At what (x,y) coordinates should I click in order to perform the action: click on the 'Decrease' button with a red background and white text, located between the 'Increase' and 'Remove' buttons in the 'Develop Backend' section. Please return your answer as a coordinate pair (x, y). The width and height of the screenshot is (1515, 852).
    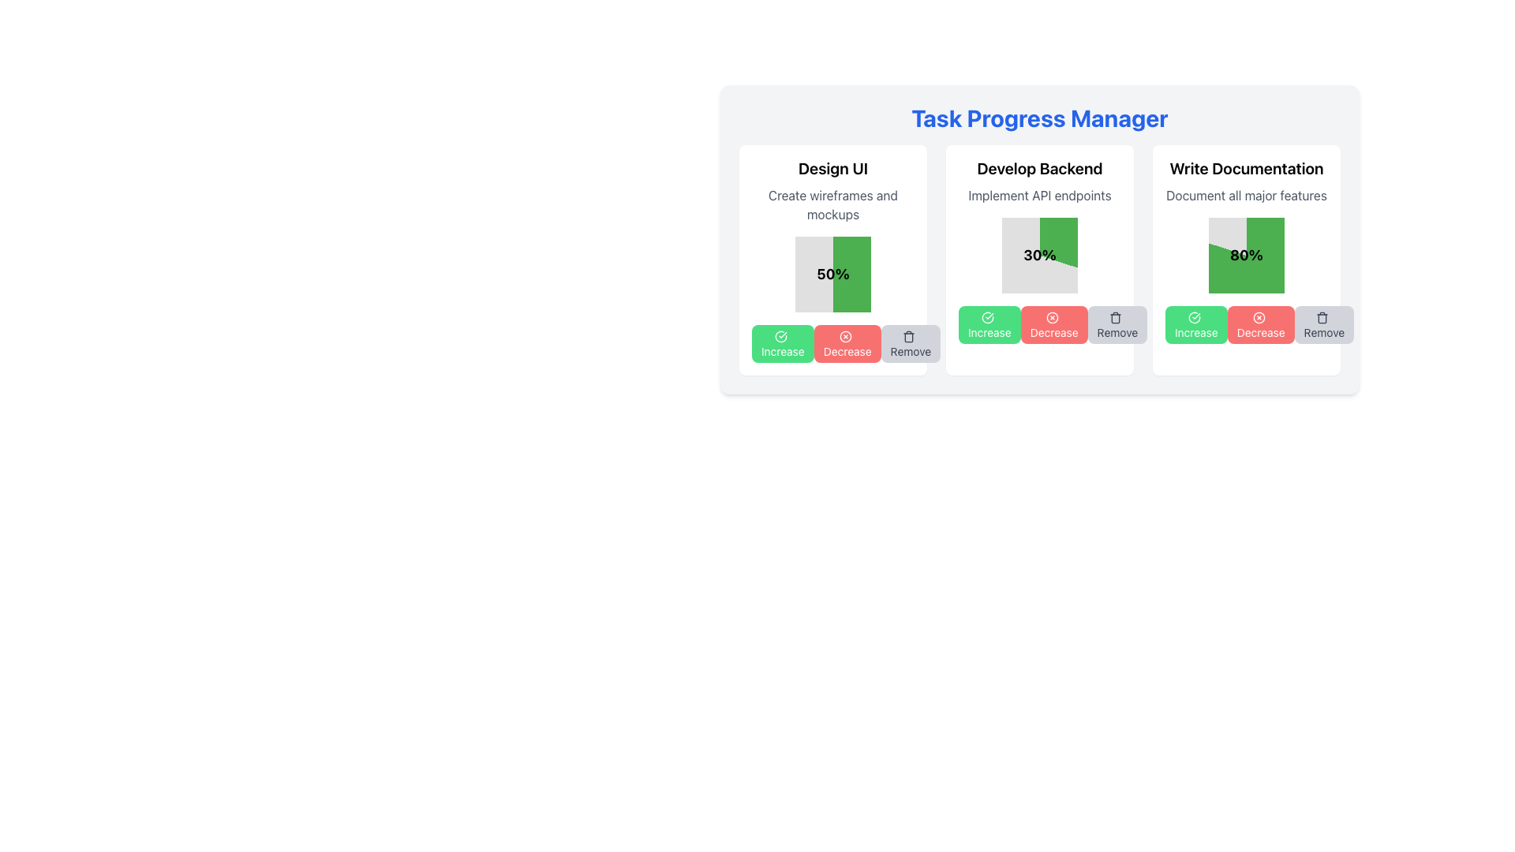
    Looking at the image, I should click on (1054, 324).